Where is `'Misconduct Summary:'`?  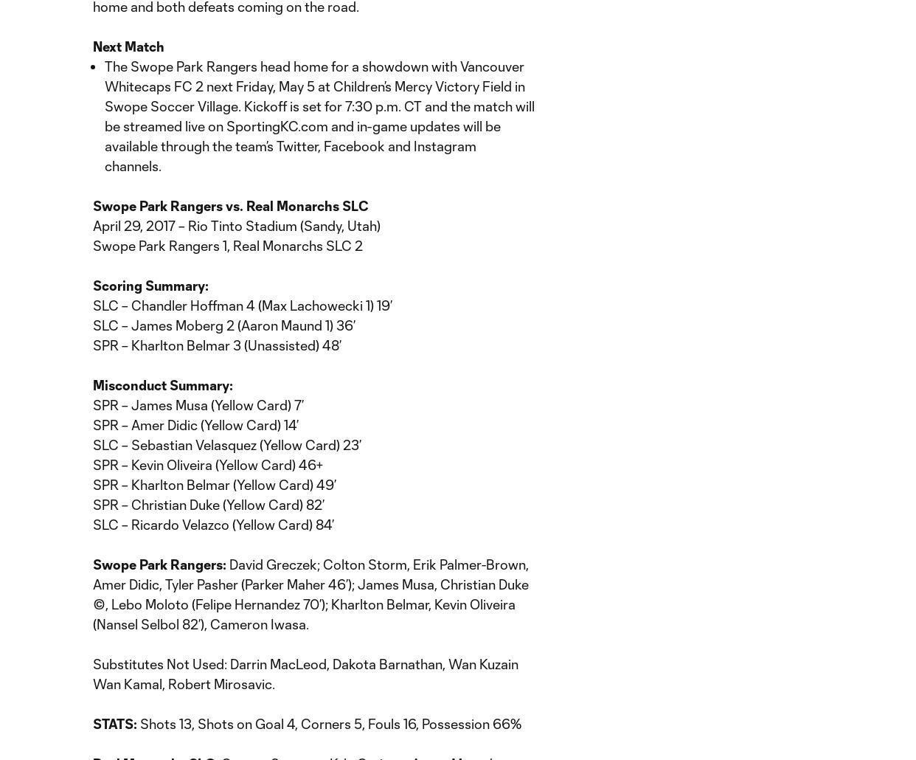
'Misconduct Summary:' is located at coordinates (162, 385).